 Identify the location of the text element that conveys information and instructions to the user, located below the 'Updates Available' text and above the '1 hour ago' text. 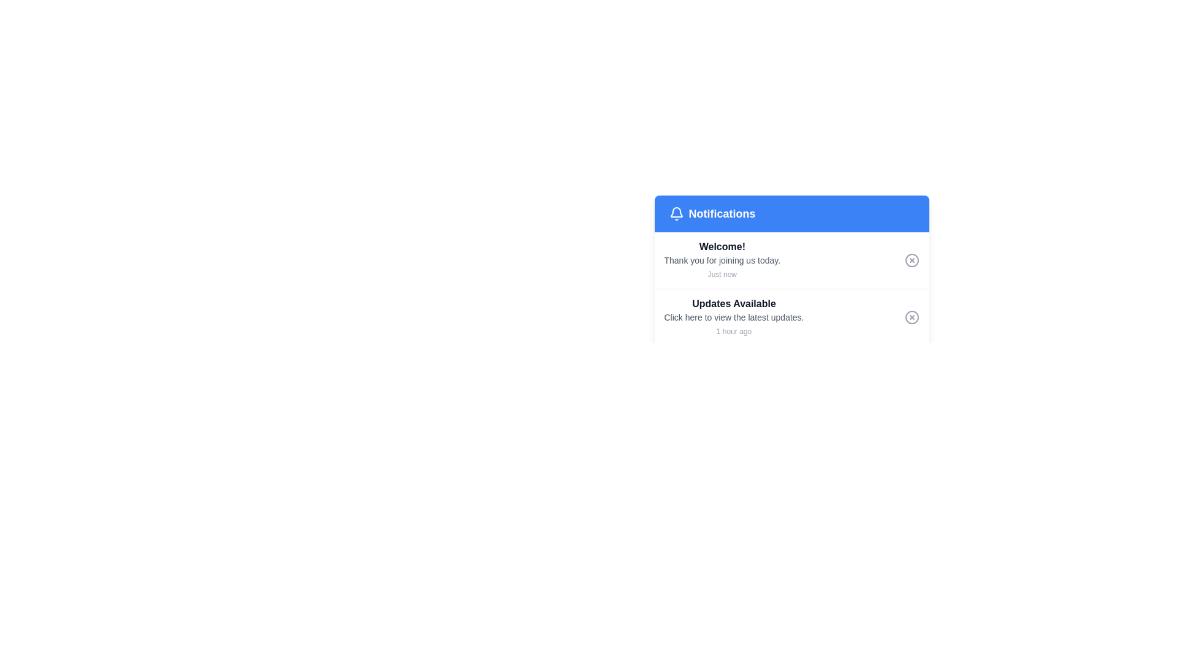
(734, 316).